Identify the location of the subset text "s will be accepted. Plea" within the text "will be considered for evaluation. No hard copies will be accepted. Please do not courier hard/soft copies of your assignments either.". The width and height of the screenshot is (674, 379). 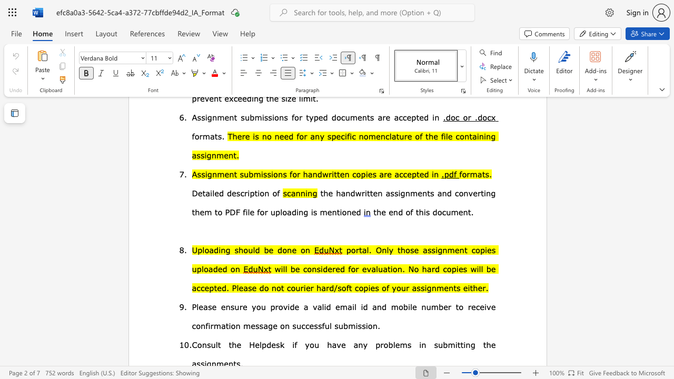
(463, 268).